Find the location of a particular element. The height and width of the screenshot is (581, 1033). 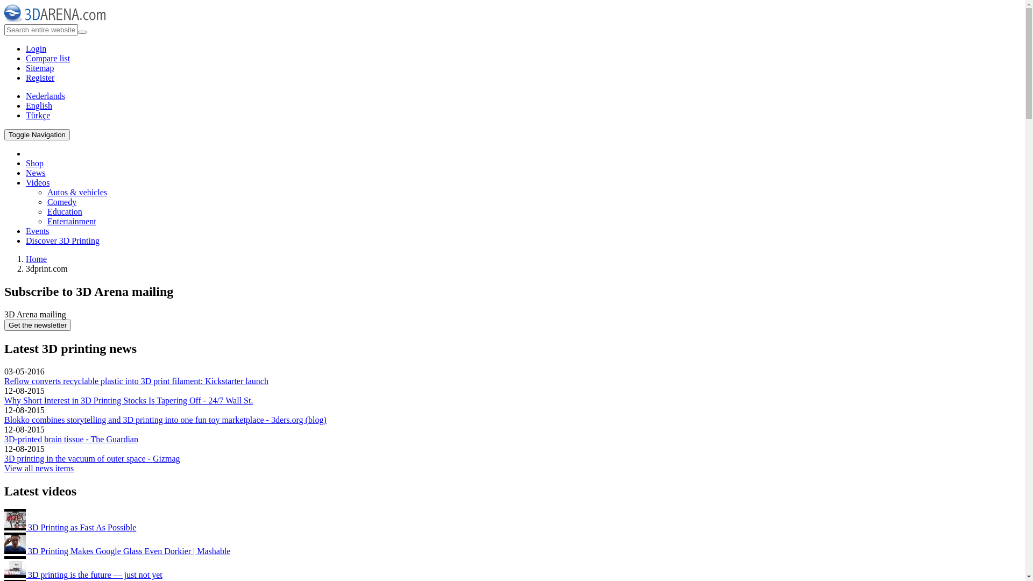

'3D Printing Makes Google Glass Even Dorkier | Mashable' is located at coordinates (15, 543).